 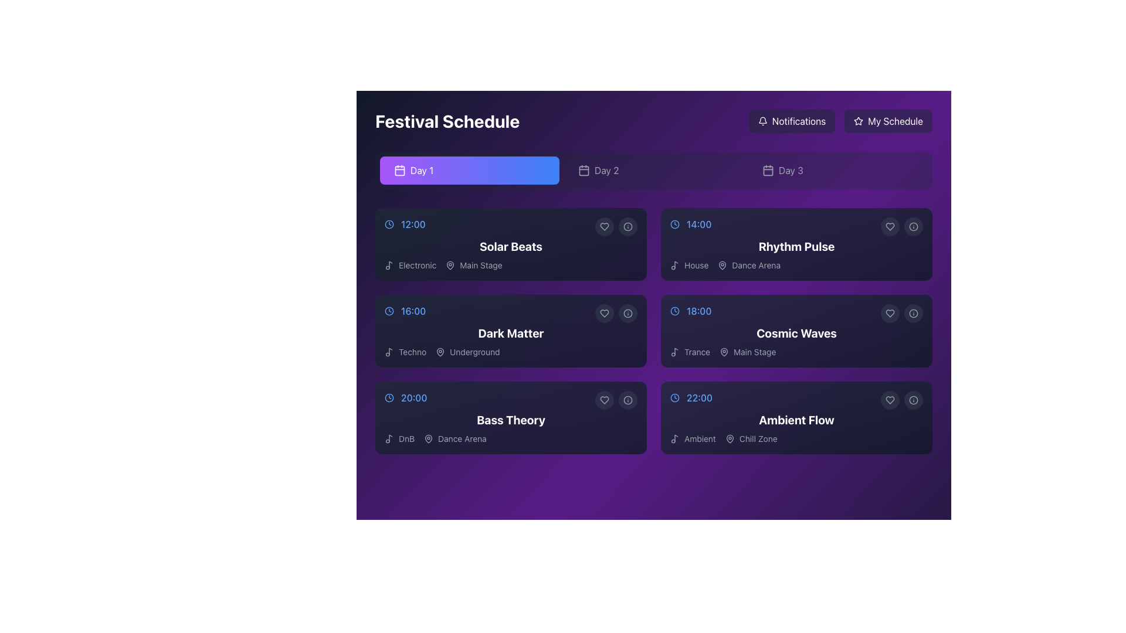 What do you see at coordinates (389, 224) in the screenshot?
I see `the circular graphical component that represents the clock icon within the 'Solar Beats' card, located in the first column and first row of the grid` at bounding box center [389, 224].